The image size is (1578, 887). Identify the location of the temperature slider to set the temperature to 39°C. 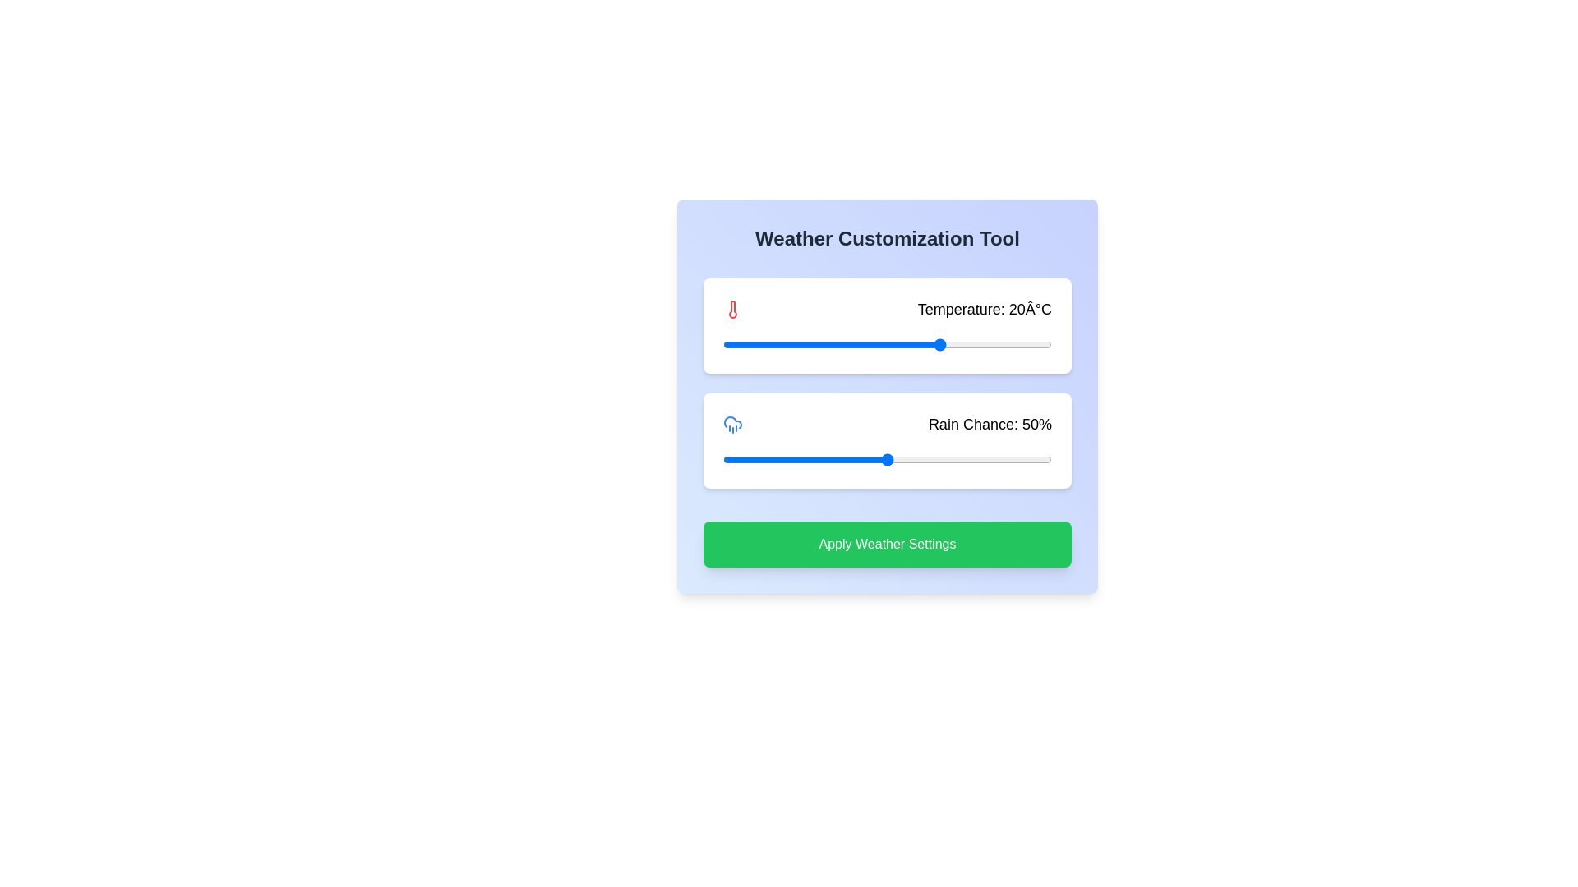
(1045, 344).